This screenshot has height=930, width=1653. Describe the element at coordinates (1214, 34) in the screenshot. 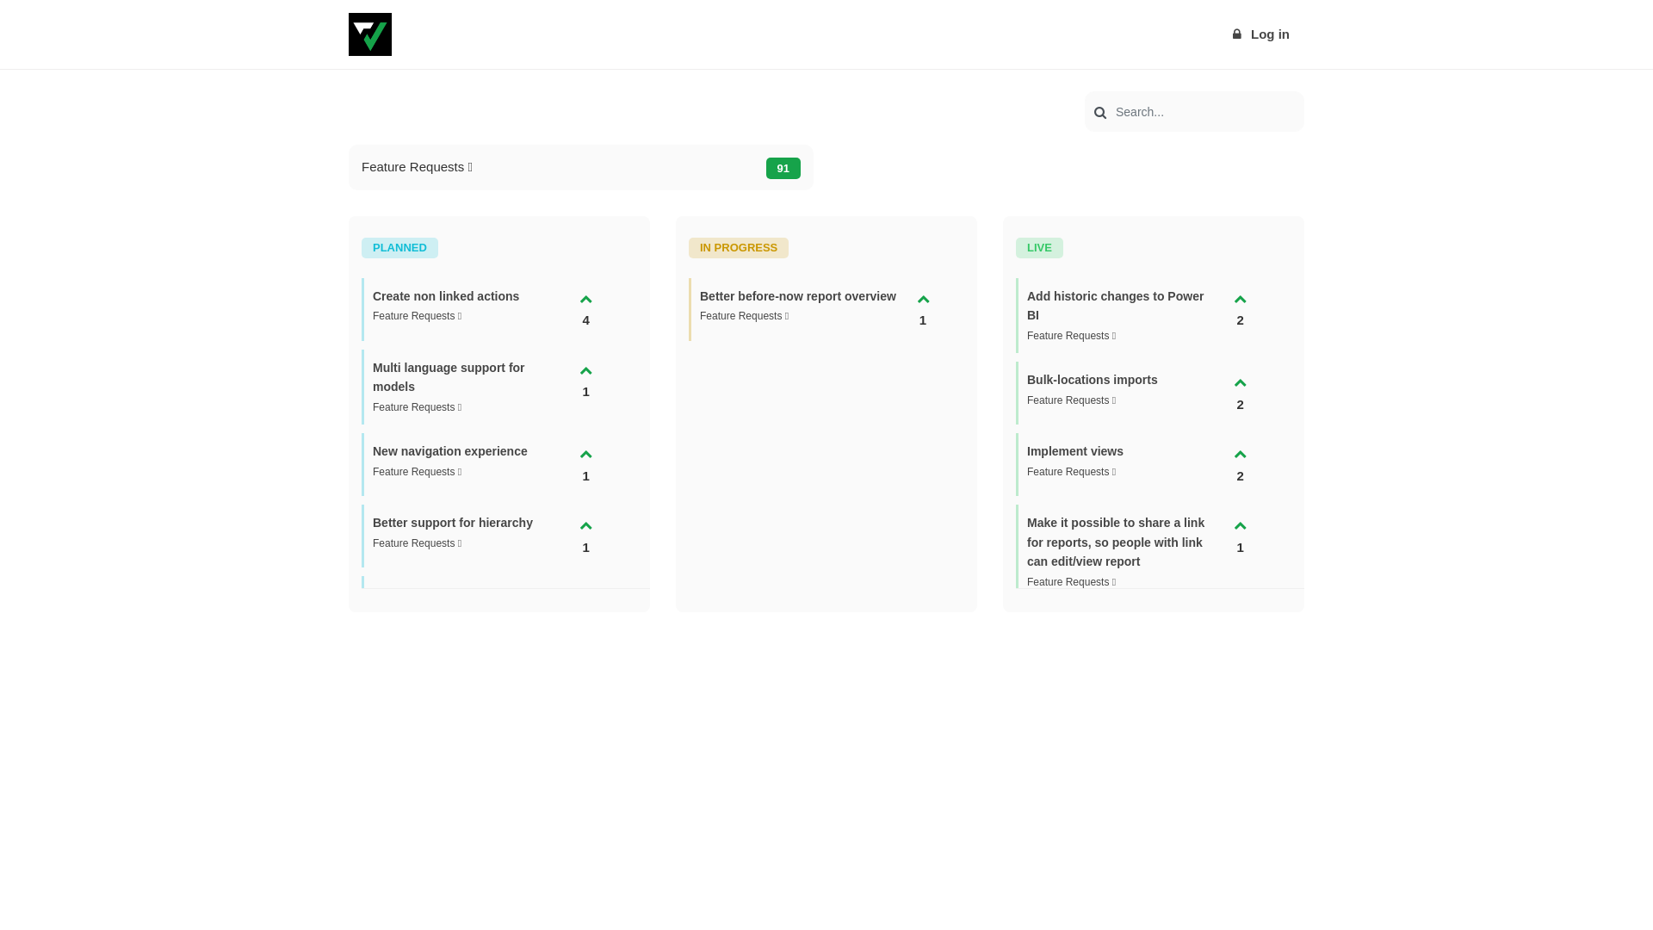

I see `'Log in'` at that location.